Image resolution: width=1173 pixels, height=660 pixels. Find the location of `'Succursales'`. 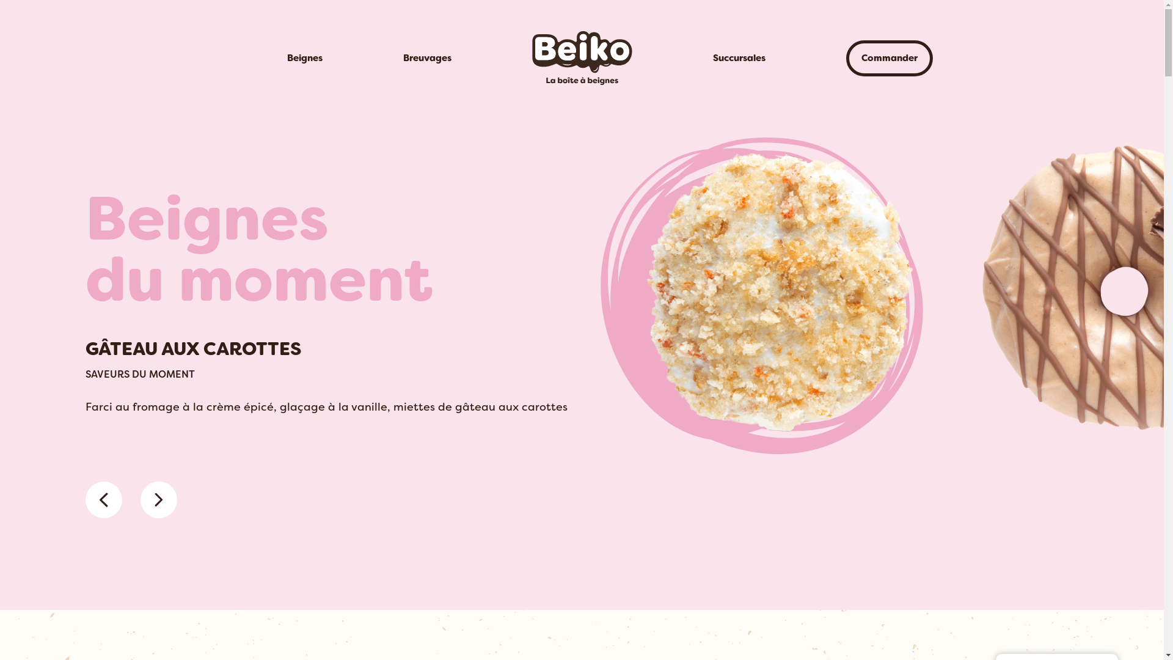

'Succursales' is located at coordinates (738, 58).